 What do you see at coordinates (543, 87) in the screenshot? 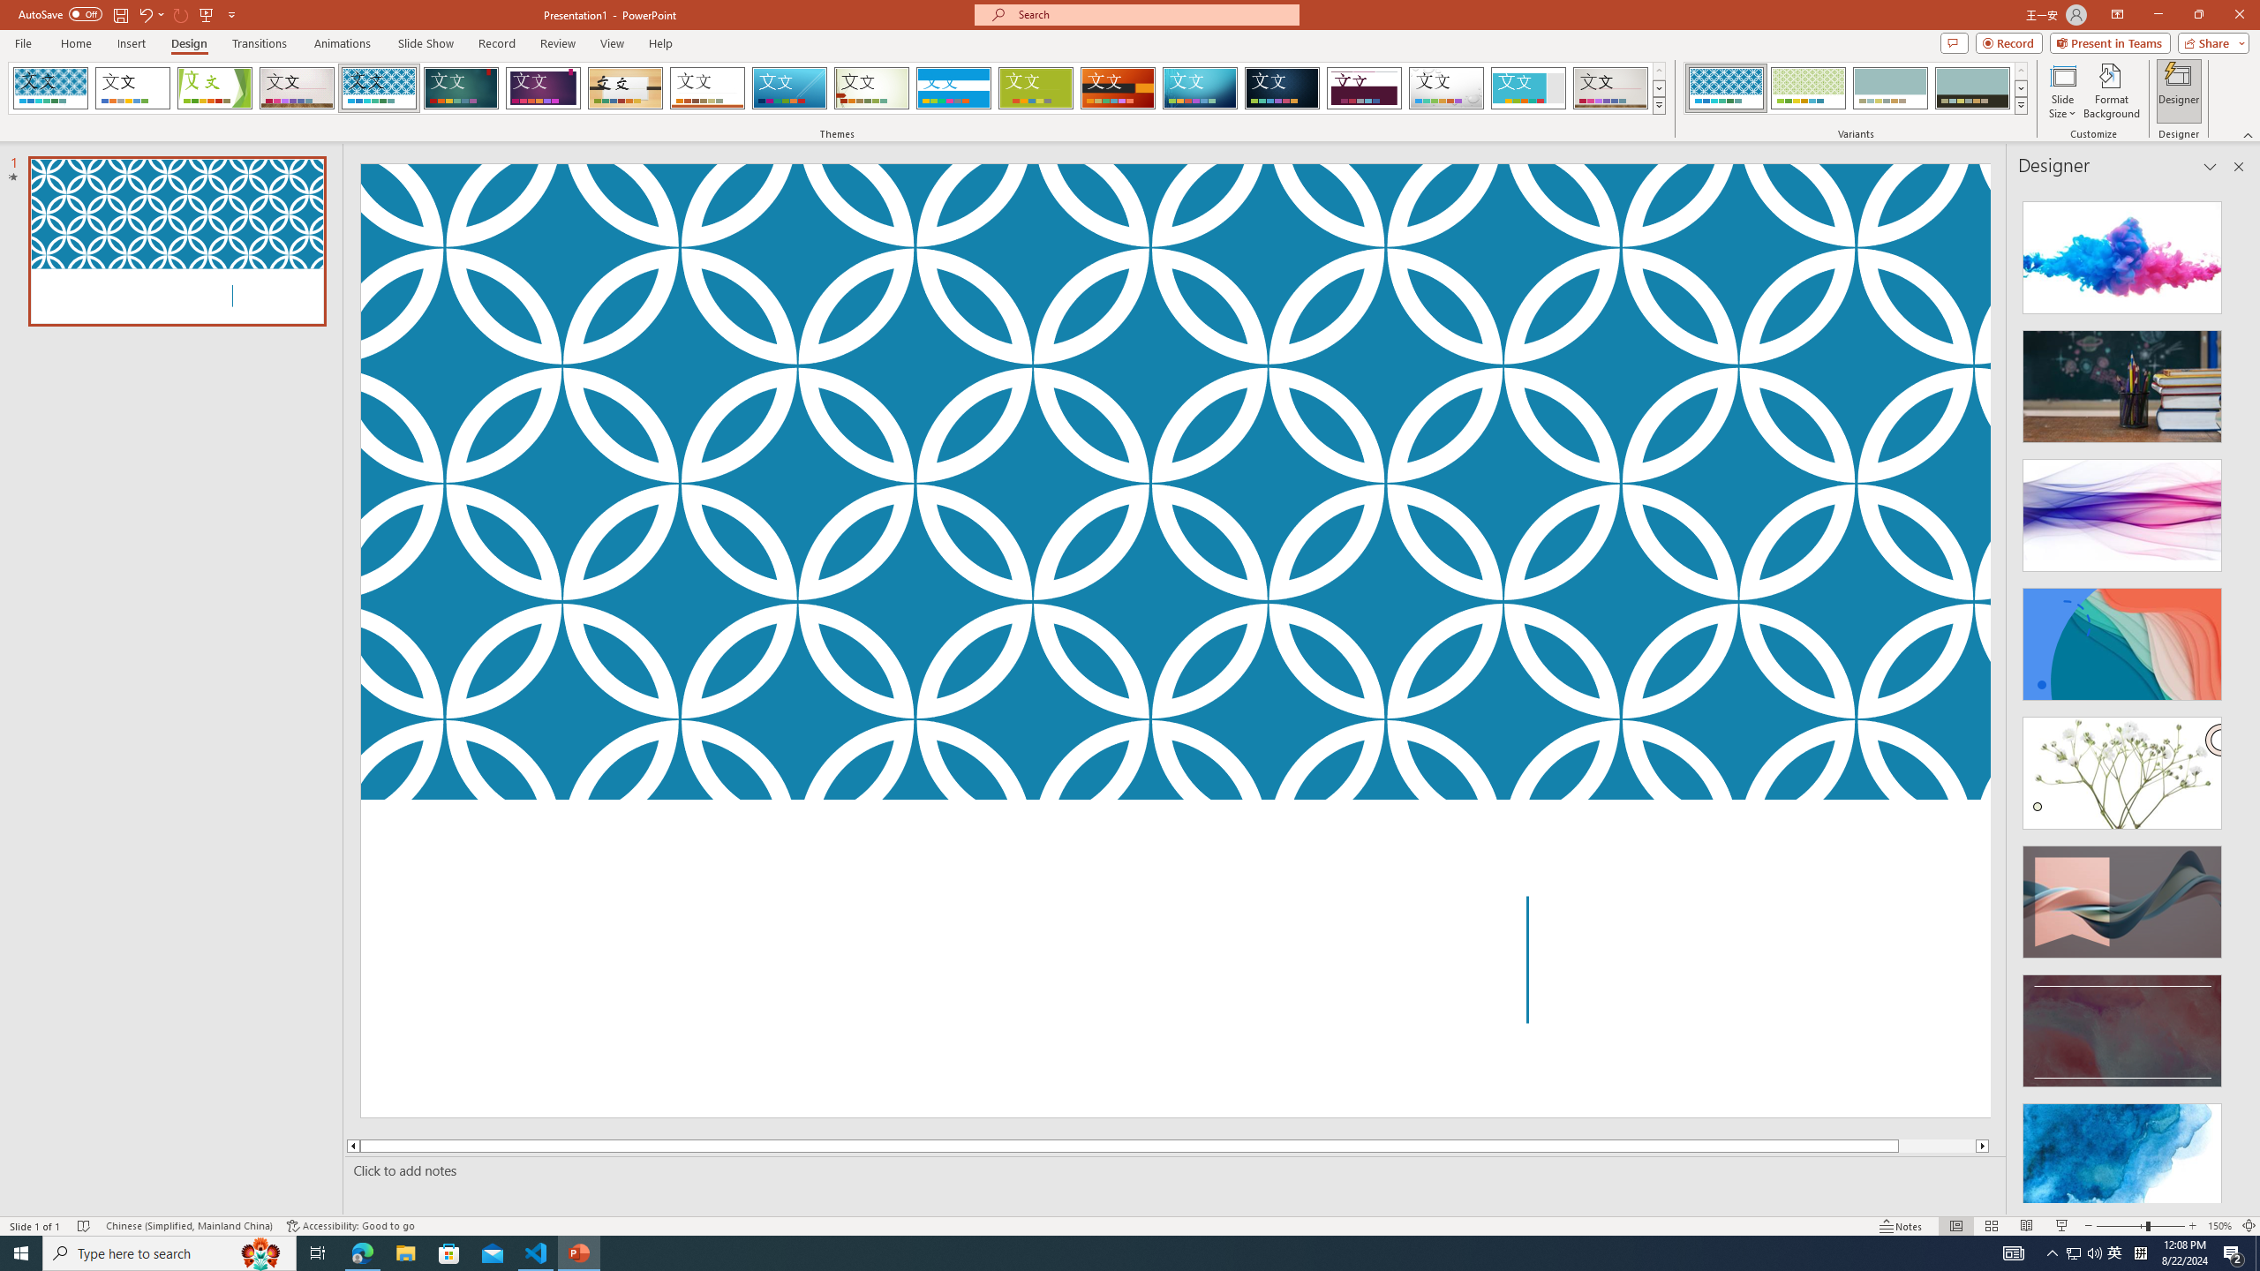
I see `'Ion Boardroom Loading Preview...'` at bounding box center [543, 87].